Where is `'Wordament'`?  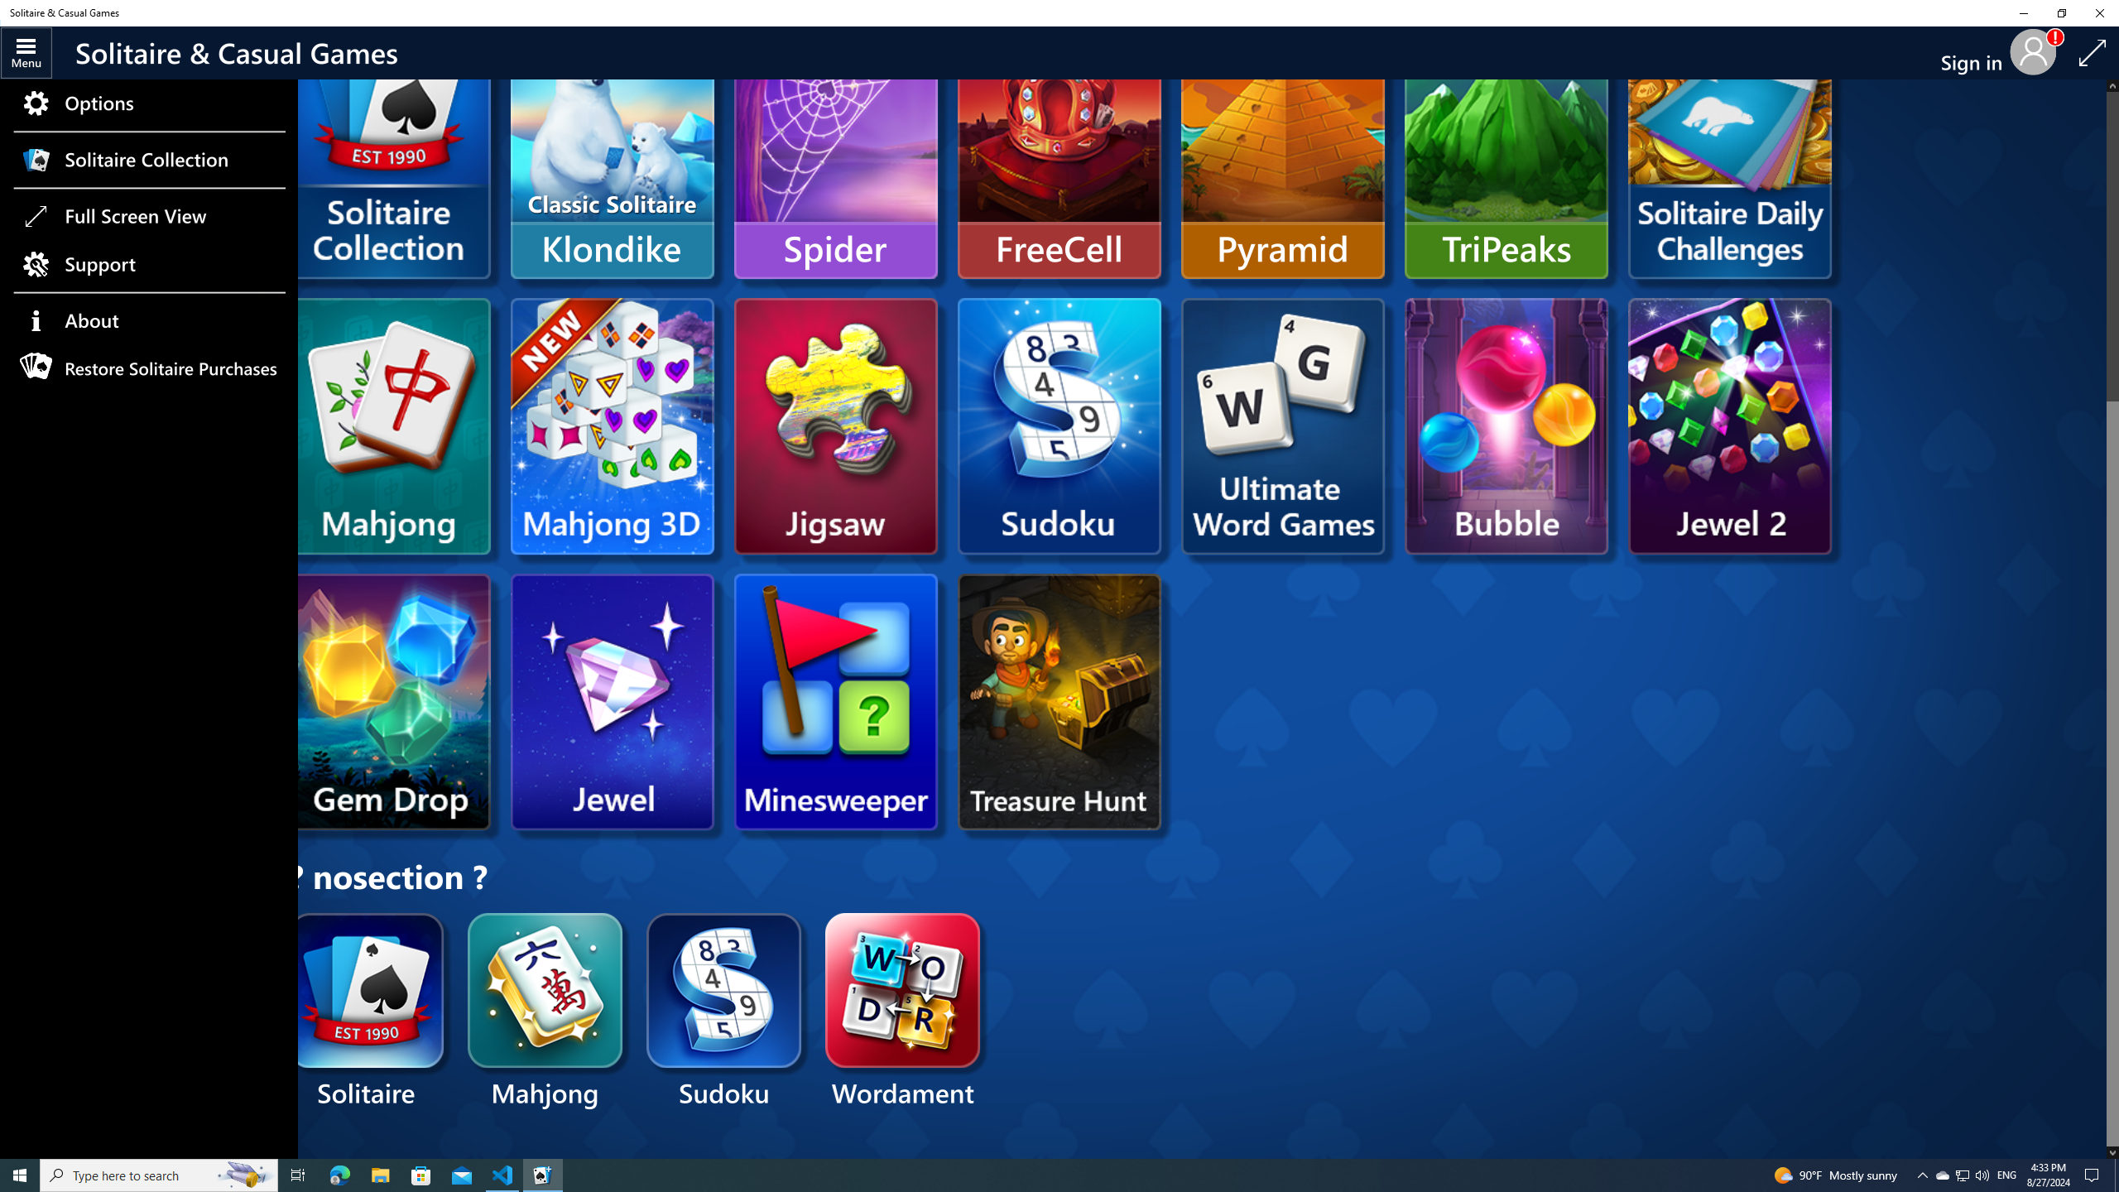 'Wordament' is located at coordinates (903, 1012).